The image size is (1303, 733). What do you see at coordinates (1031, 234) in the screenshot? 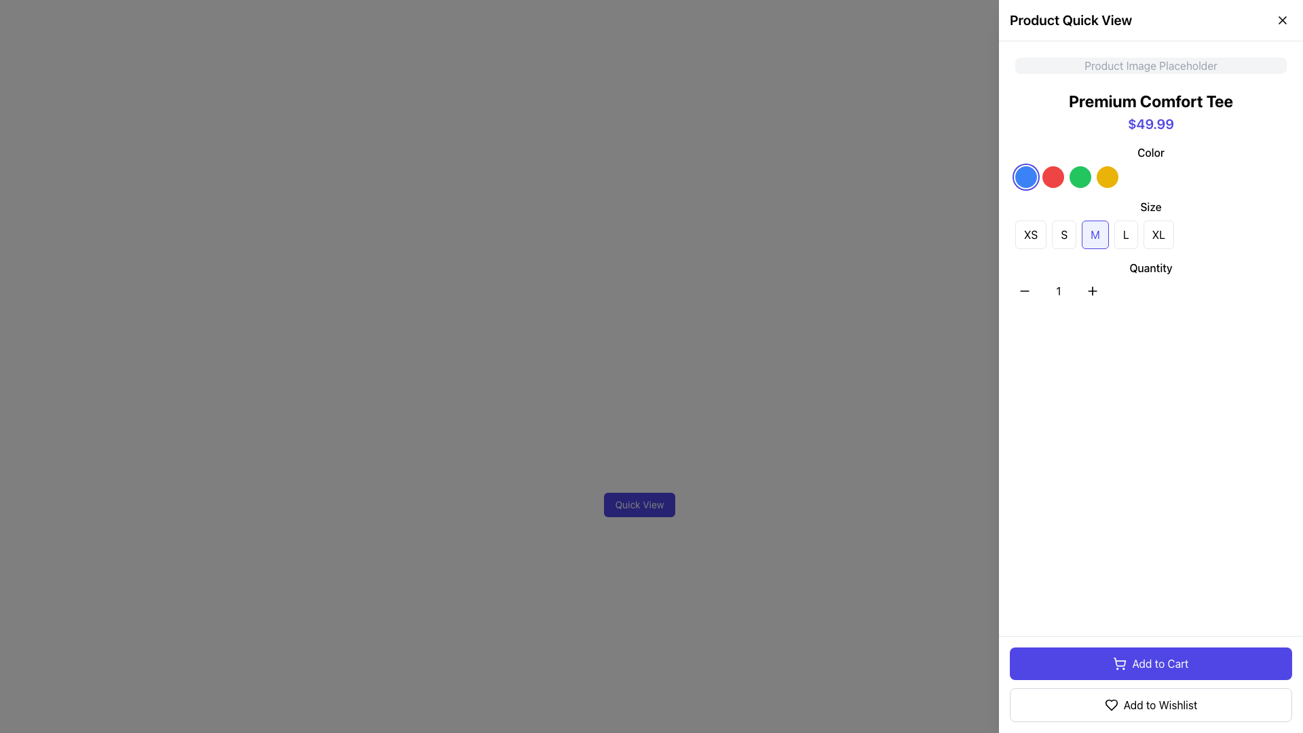
I see `the 'XS' size selection button, which is the first button in the row of size options under the 'Size' label` at bounding box center [1031, 234].